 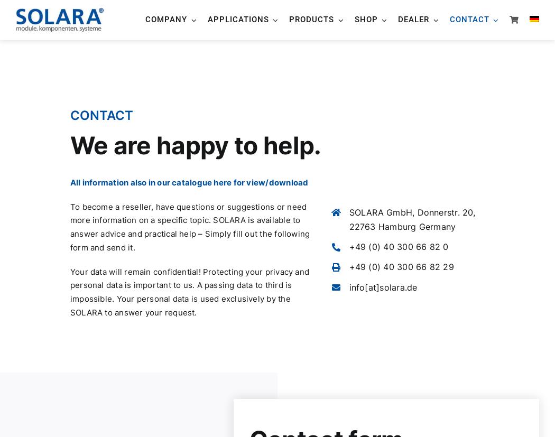 I want to click on 'Industry', so click(x=238, y=167).